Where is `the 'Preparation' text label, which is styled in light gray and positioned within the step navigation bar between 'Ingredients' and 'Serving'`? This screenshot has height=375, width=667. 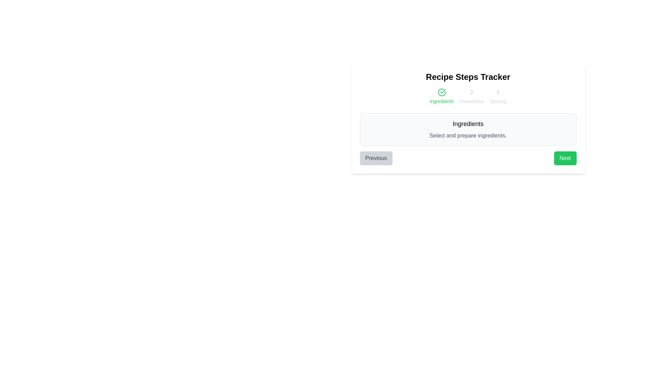 the 'Preparation' text label, which is styled in light gray and positioned within the step navigation bar between 'Ingredients' and 'Serving' is located at coordinates (472, 101).